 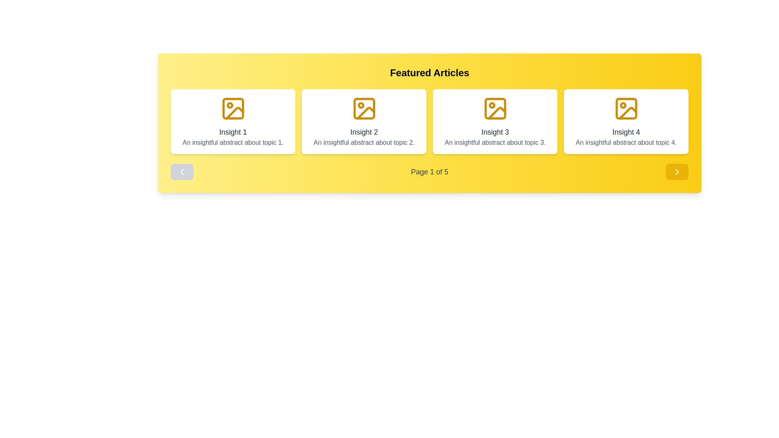 What do you see at coordinates (365, 113) in the screenshot?
I see `the photo icon graphical subcomponent located in the top-center section of the 'Insight 2' card to trigger any tooltip effects` at bounding box center [365, 113].